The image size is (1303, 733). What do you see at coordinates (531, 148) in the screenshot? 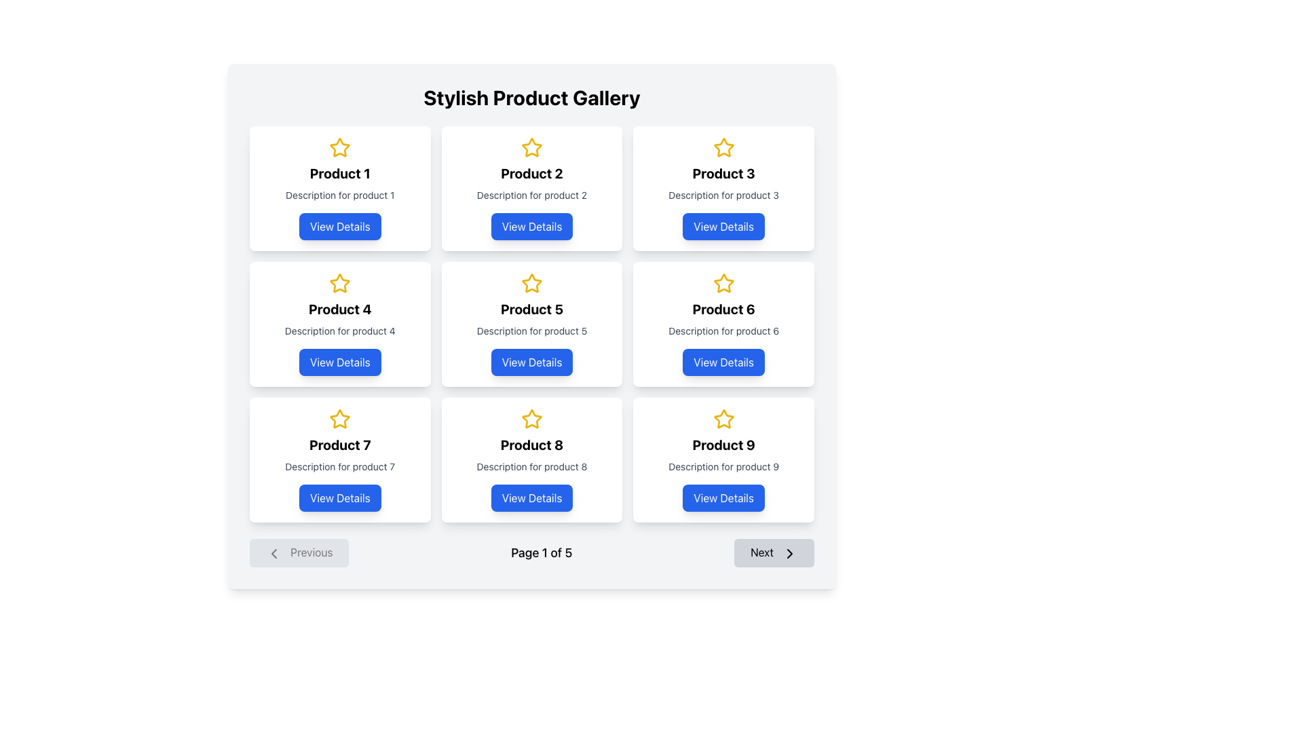
I see `the star-shaped icon with a yellow outline that indicates a rating or favorite for 'Product 2'` at bounding box center [531, 148].